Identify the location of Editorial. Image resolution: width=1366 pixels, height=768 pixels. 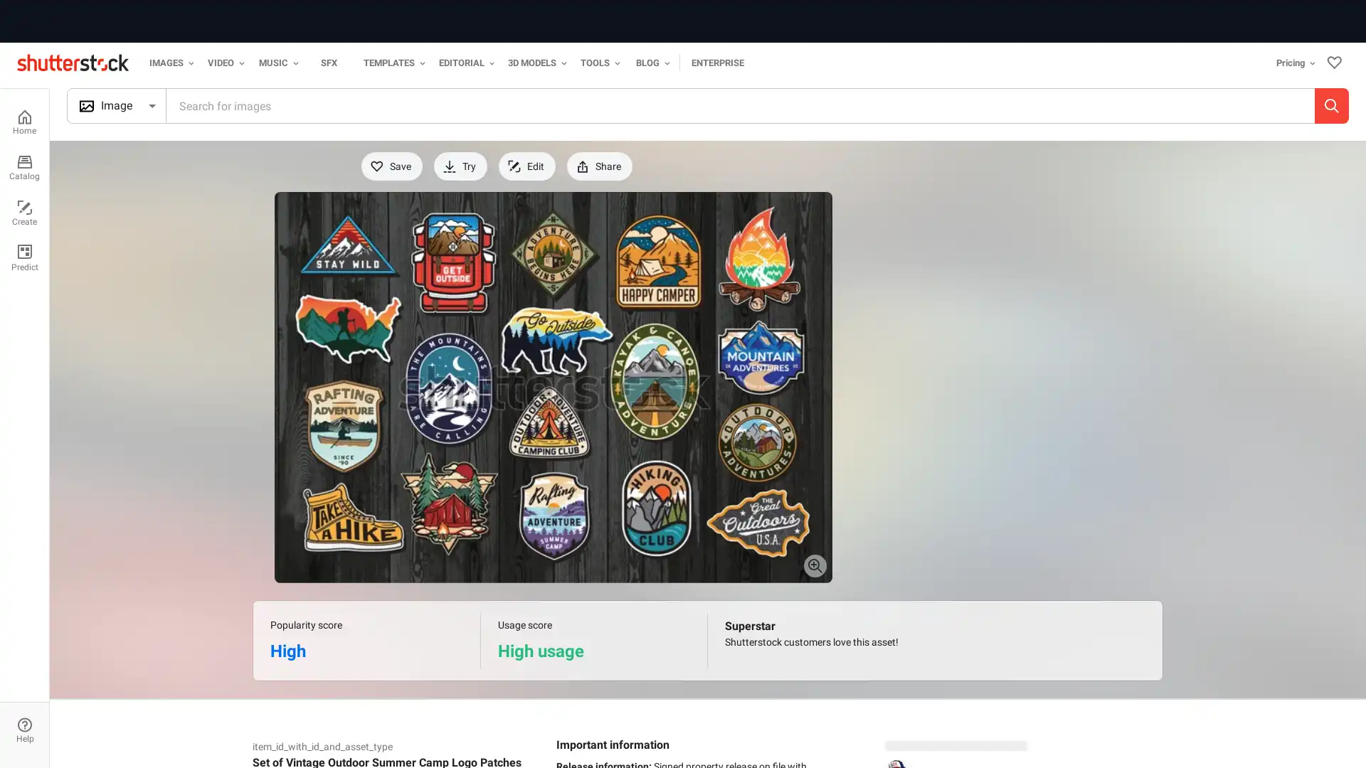
(464, 62).